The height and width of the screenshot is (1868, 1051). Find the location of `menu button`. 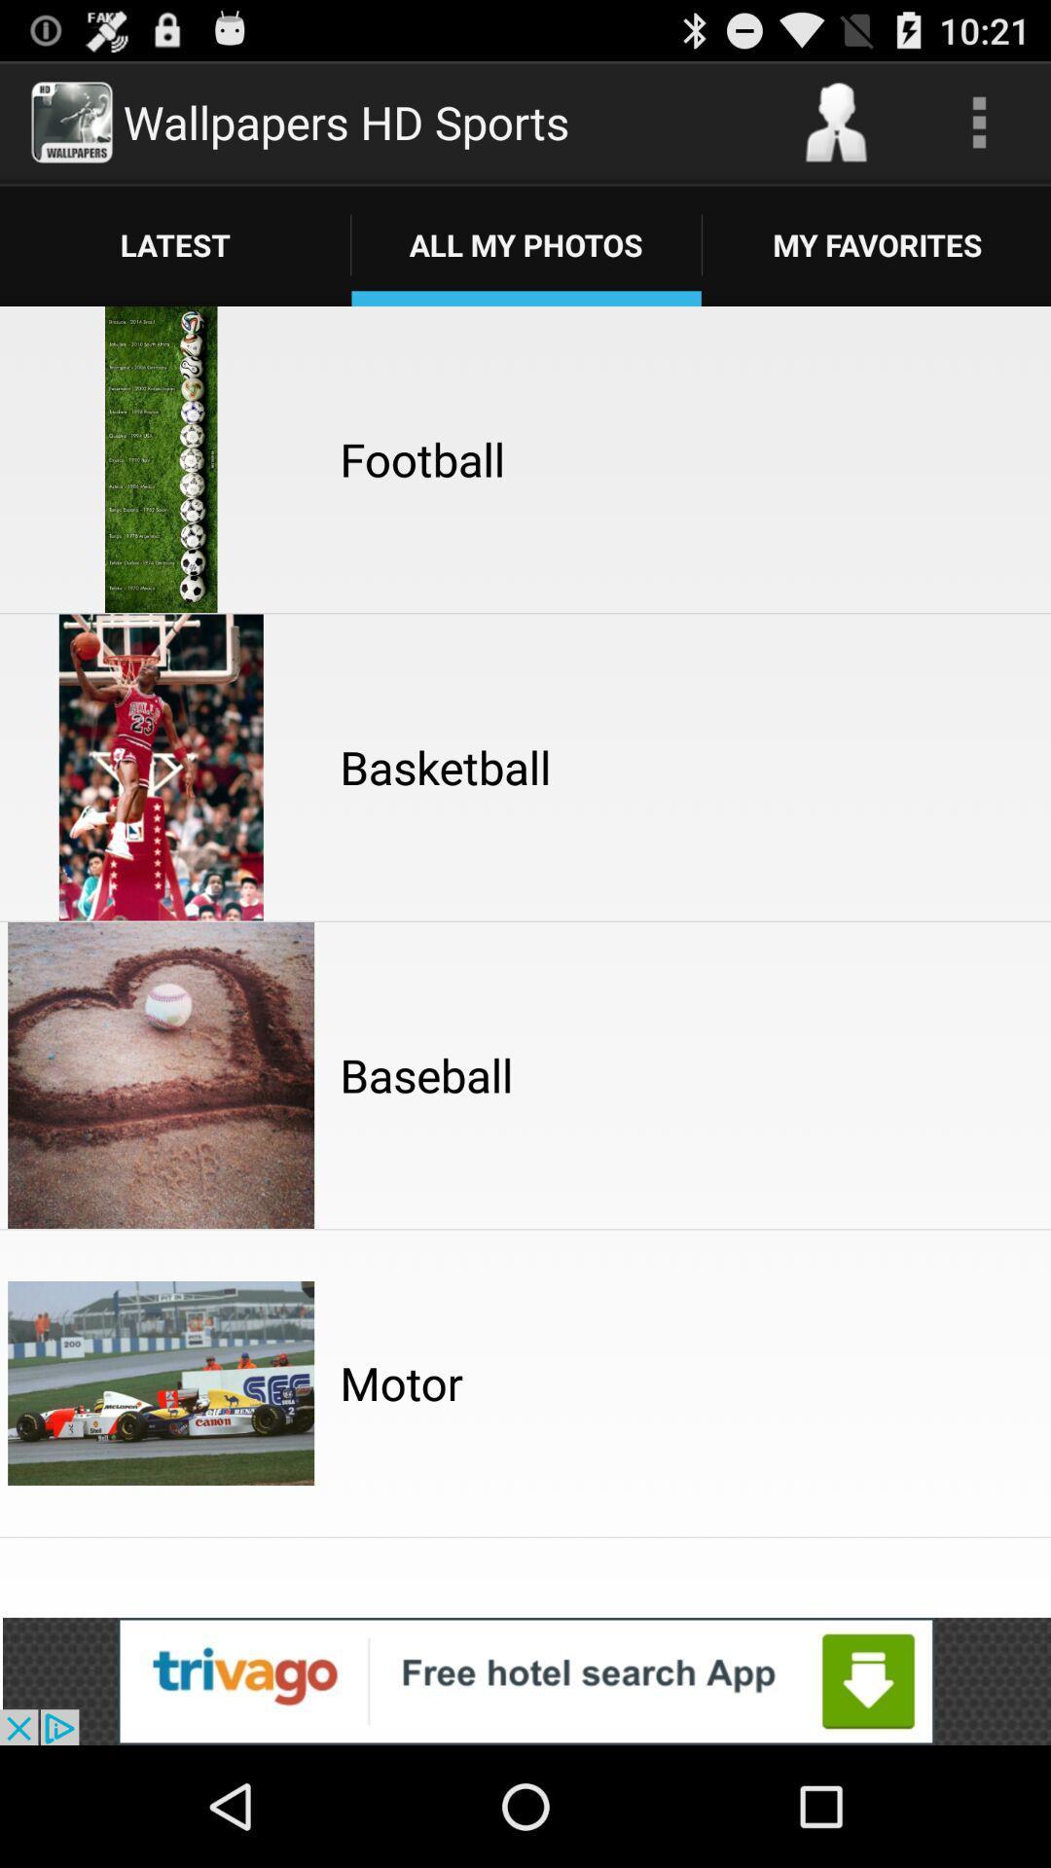

menu button is located at coordinates (979, 121).